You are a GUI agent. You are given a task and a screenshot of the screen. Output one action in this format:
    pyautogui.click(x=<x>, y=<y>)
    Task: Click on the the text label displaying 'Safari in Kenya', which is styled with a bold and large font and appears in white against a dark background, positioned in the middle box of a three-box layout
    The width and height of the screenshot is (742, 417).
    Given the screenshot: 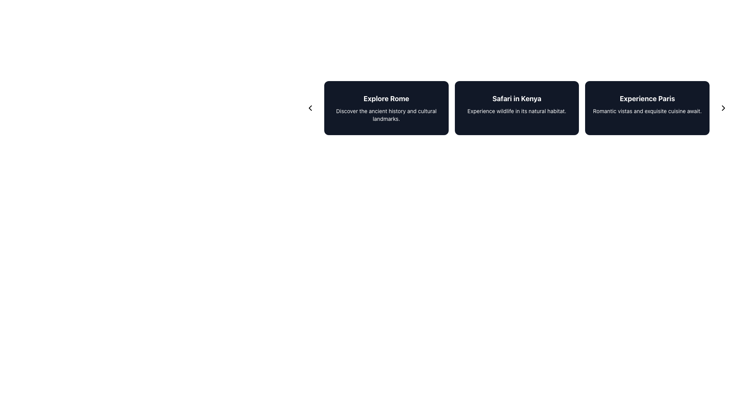 What is the action you would take?
    pyautogui.click(x=517, y=98)
    